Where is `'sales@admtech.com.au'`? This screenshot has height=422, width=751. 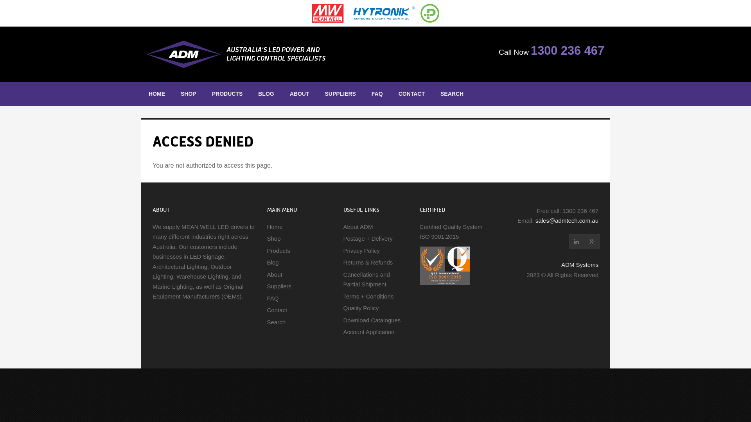
'sales@admtech.com.au' is located at coordinates (567, 220).